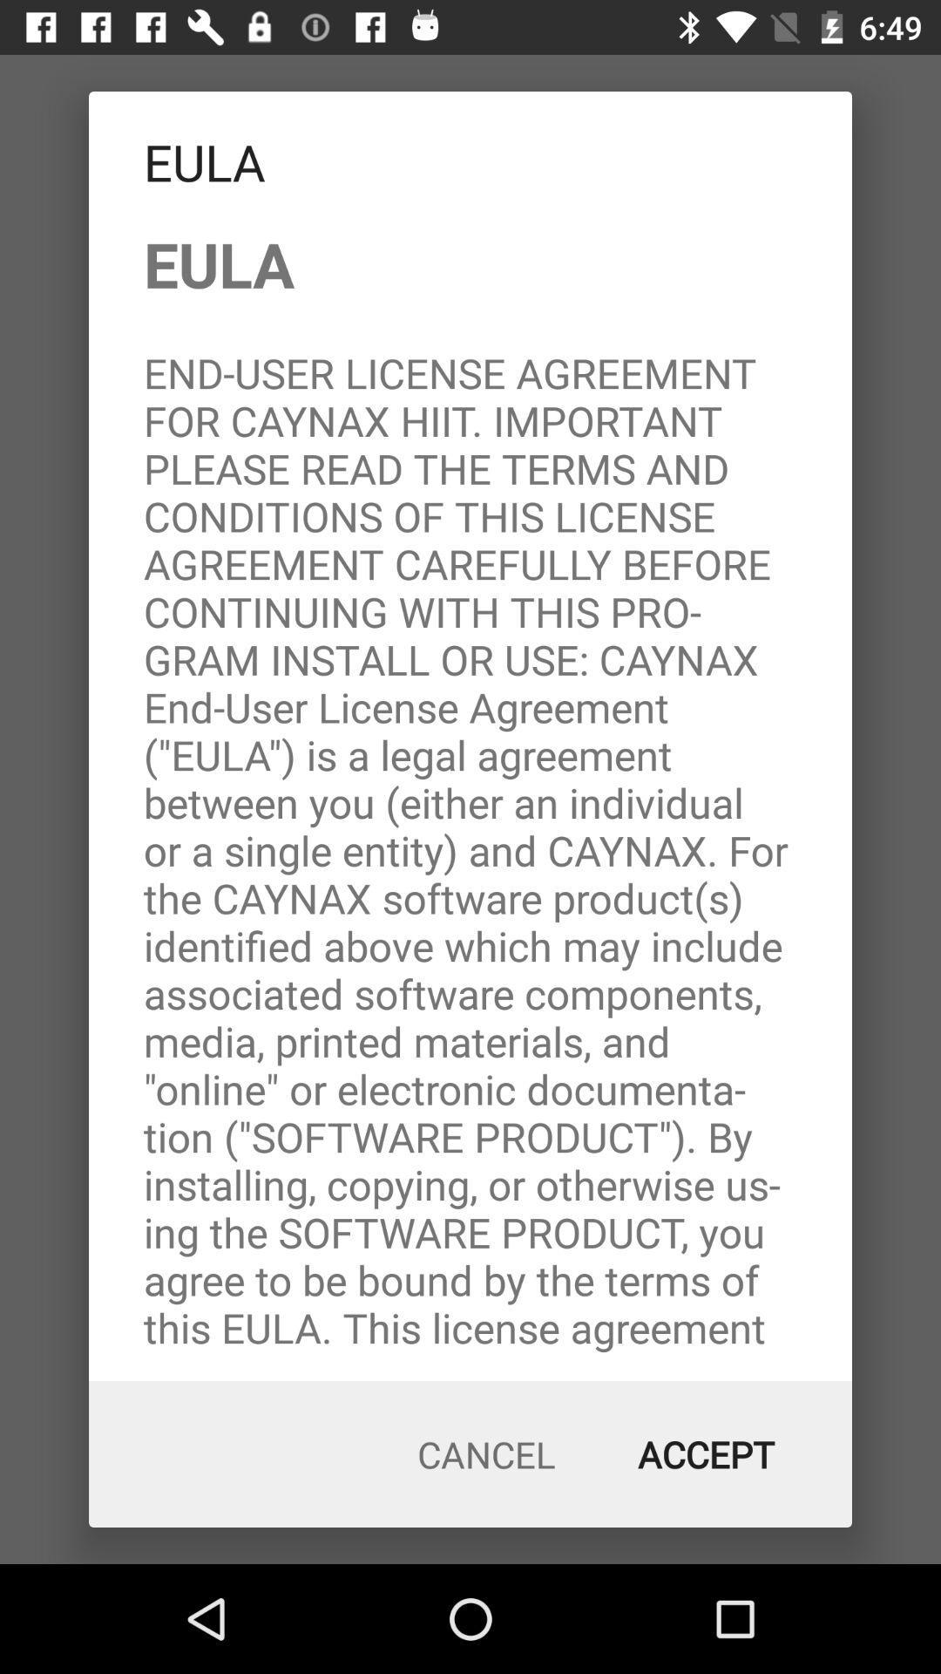 The image size is (941, 1674). What do you see at coordinates (706, 1454) in the screenshot?
I see `the item below eula end user item` at bounding box center [706, 1454].